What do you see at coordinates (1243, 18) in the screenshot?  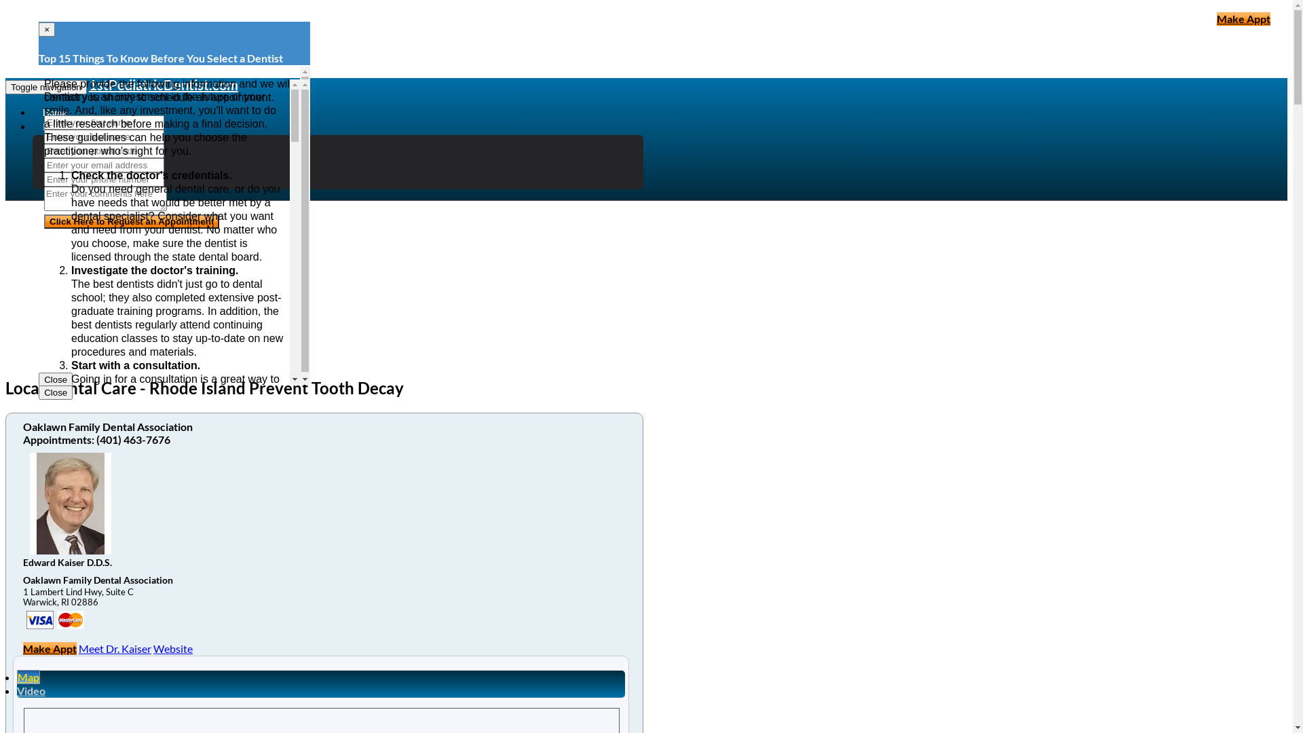 I see `'Make Appt'` at bounding box center [1243, 18].